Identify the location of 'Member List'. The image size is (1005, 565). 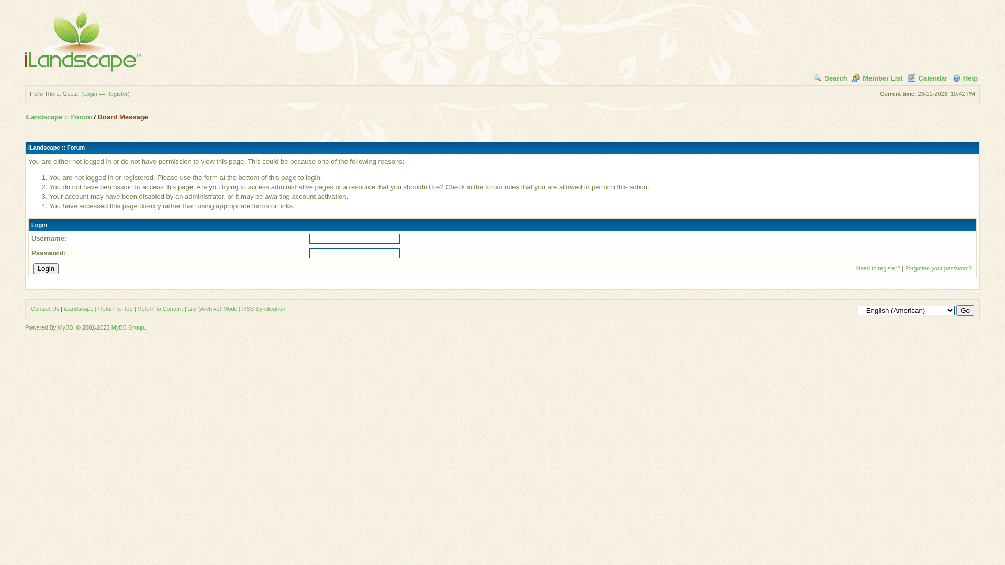
(852, 77).